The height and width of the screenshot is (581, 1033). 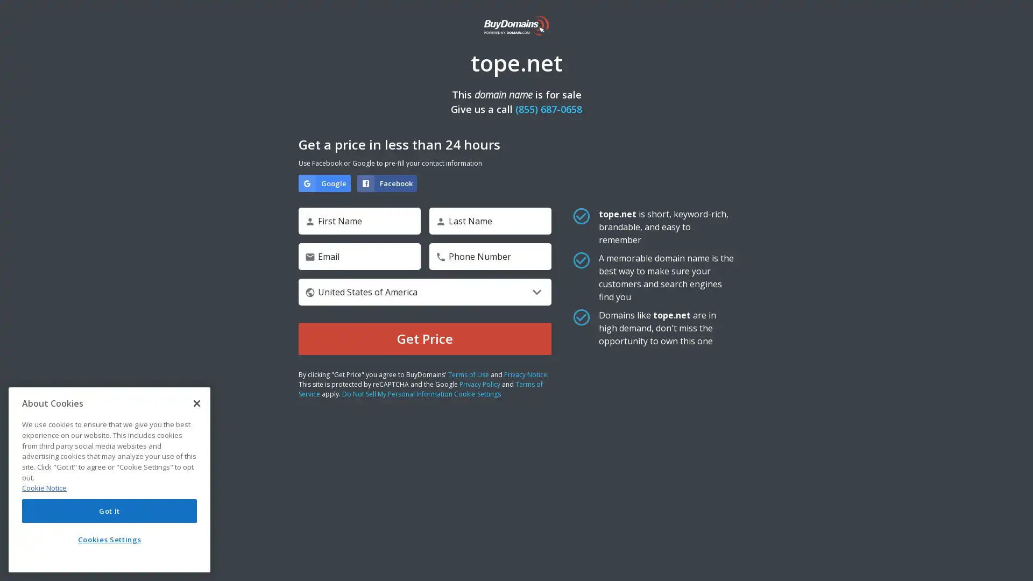 I want to click on Google, so click(x=324, y=182).